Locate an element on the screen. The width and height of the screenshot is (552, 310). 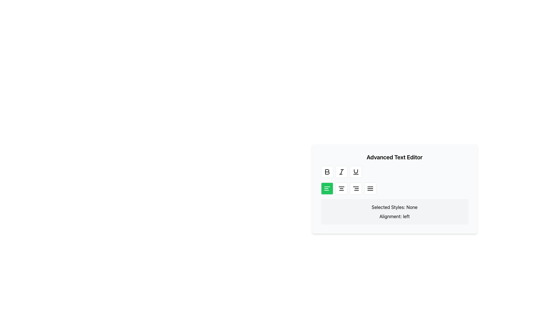
the third button in the button toolbar of the 'Advanced Text Editor' to apply underline styling, which features a U-shaped curved line above a horizontal line in a simple black vector style is located at coordinates (355, 171).